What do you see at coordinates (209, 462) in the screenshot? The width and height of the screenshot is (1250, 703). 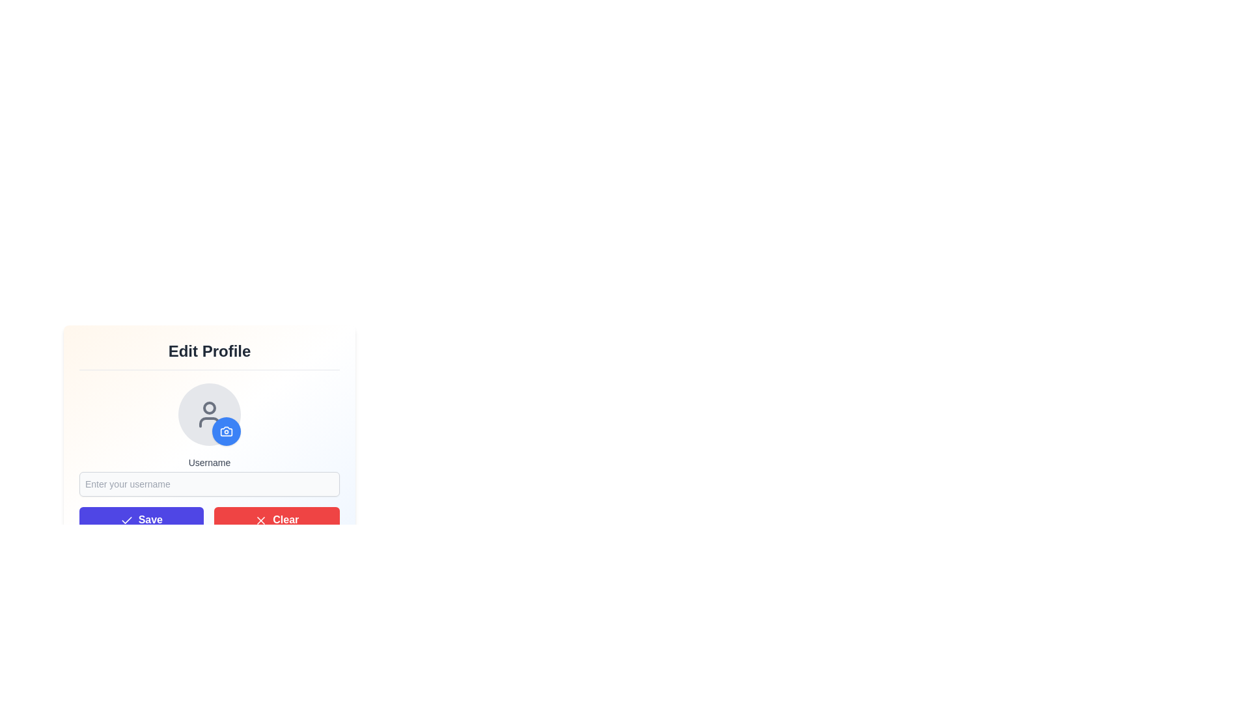 I see `'Username' text label located above the input field in the 'Edit Profile' section, which provides guidance for entering the username` at bounding box center [209, 462].